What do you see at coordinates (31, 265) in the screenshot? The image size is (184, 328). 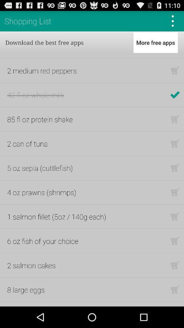 I see `the item below 6 oz fish item` at bounding box center [31, 265].